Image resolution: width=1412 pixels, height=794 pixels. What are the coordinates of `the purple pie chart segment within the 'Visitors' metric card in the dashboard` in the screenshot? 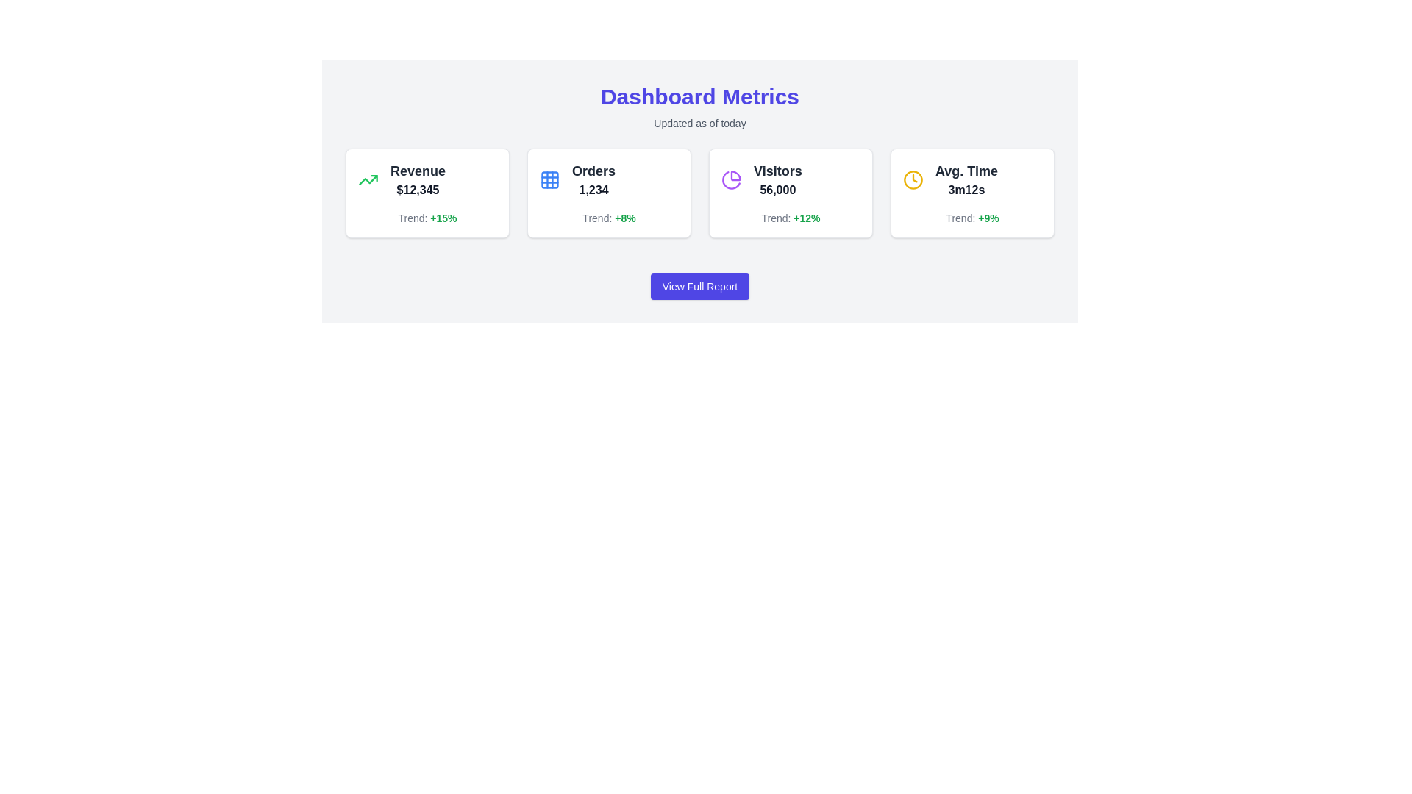 It's located at (735, 175).